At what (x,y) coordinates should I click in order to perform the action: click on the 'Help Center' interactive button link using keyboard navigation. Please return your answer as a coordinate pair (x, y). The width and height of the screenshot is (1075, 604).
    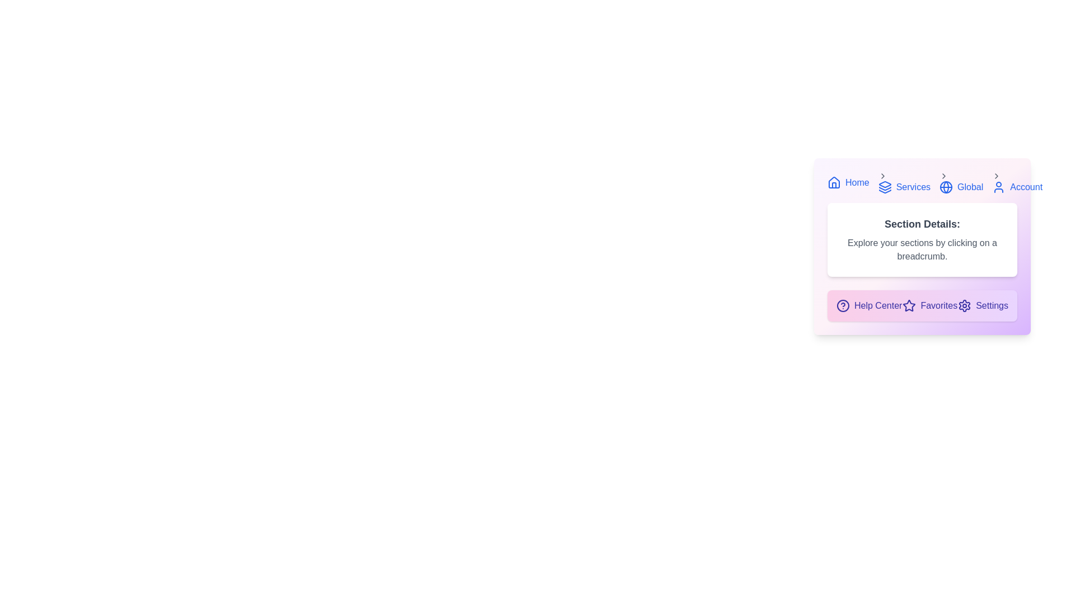
    Looking at the image, I should click on (868, 306).